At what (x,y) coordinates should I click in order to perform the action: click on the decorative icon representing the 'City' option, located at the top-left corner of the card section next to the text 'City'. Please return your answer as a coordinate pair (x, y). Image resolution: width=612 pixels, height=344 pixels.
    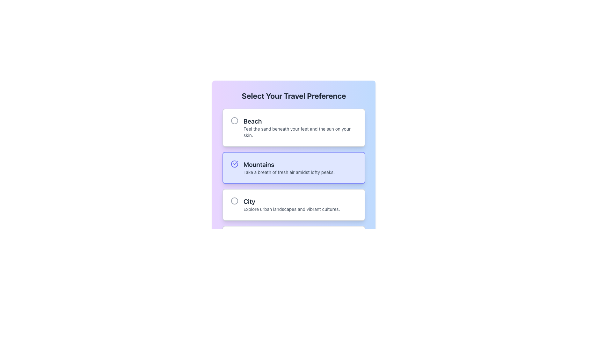
    Looking at the image, I should click on (234, 201).